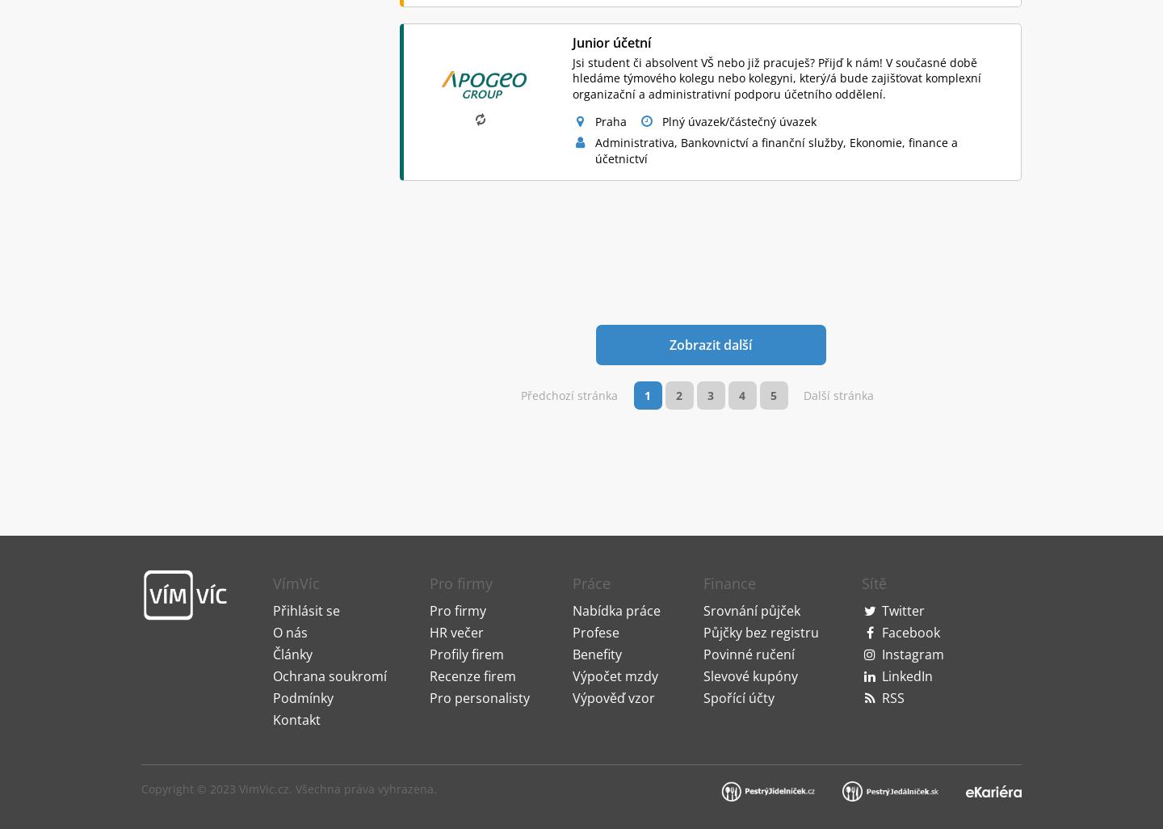  I want to click on 'VimVic.cz', so click(264, 602).